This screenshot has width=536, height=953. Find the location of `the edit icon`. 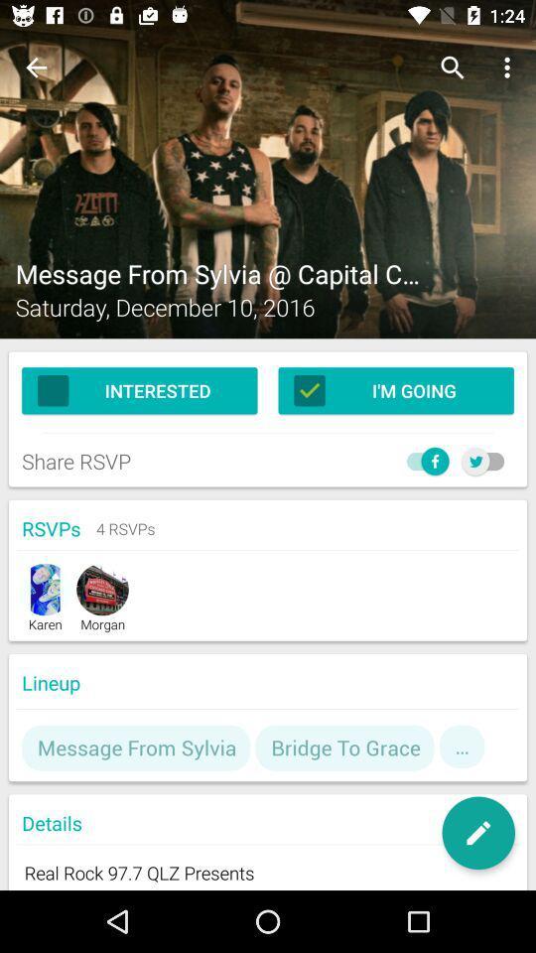

the edit icon is located at coordinates (477, 833).